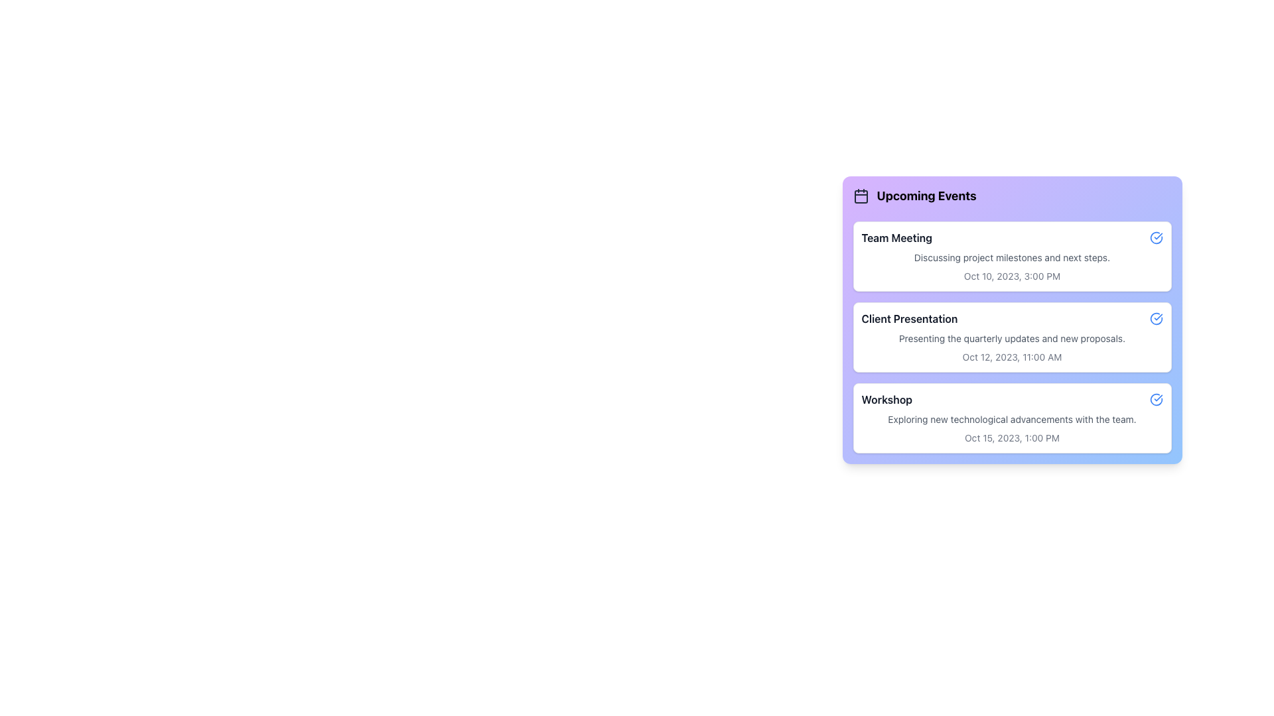 The height and width of the screenshot is (716, 1274). Describe the element at coordinates (1011, 357) in the screenshot. I see `date and time information displayed in the text label that reads 'Oct 12, 2023, 11:00 AM', which is positioned below the description of the client presentation` at that location.